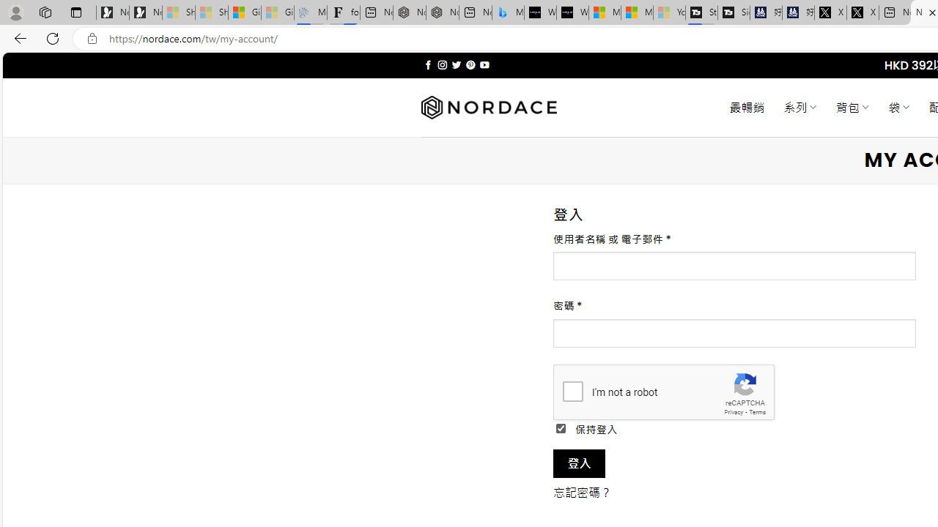 This screenshot has height=527, width=938. I want to click on 'Microsoft Start', so click(637, 12).